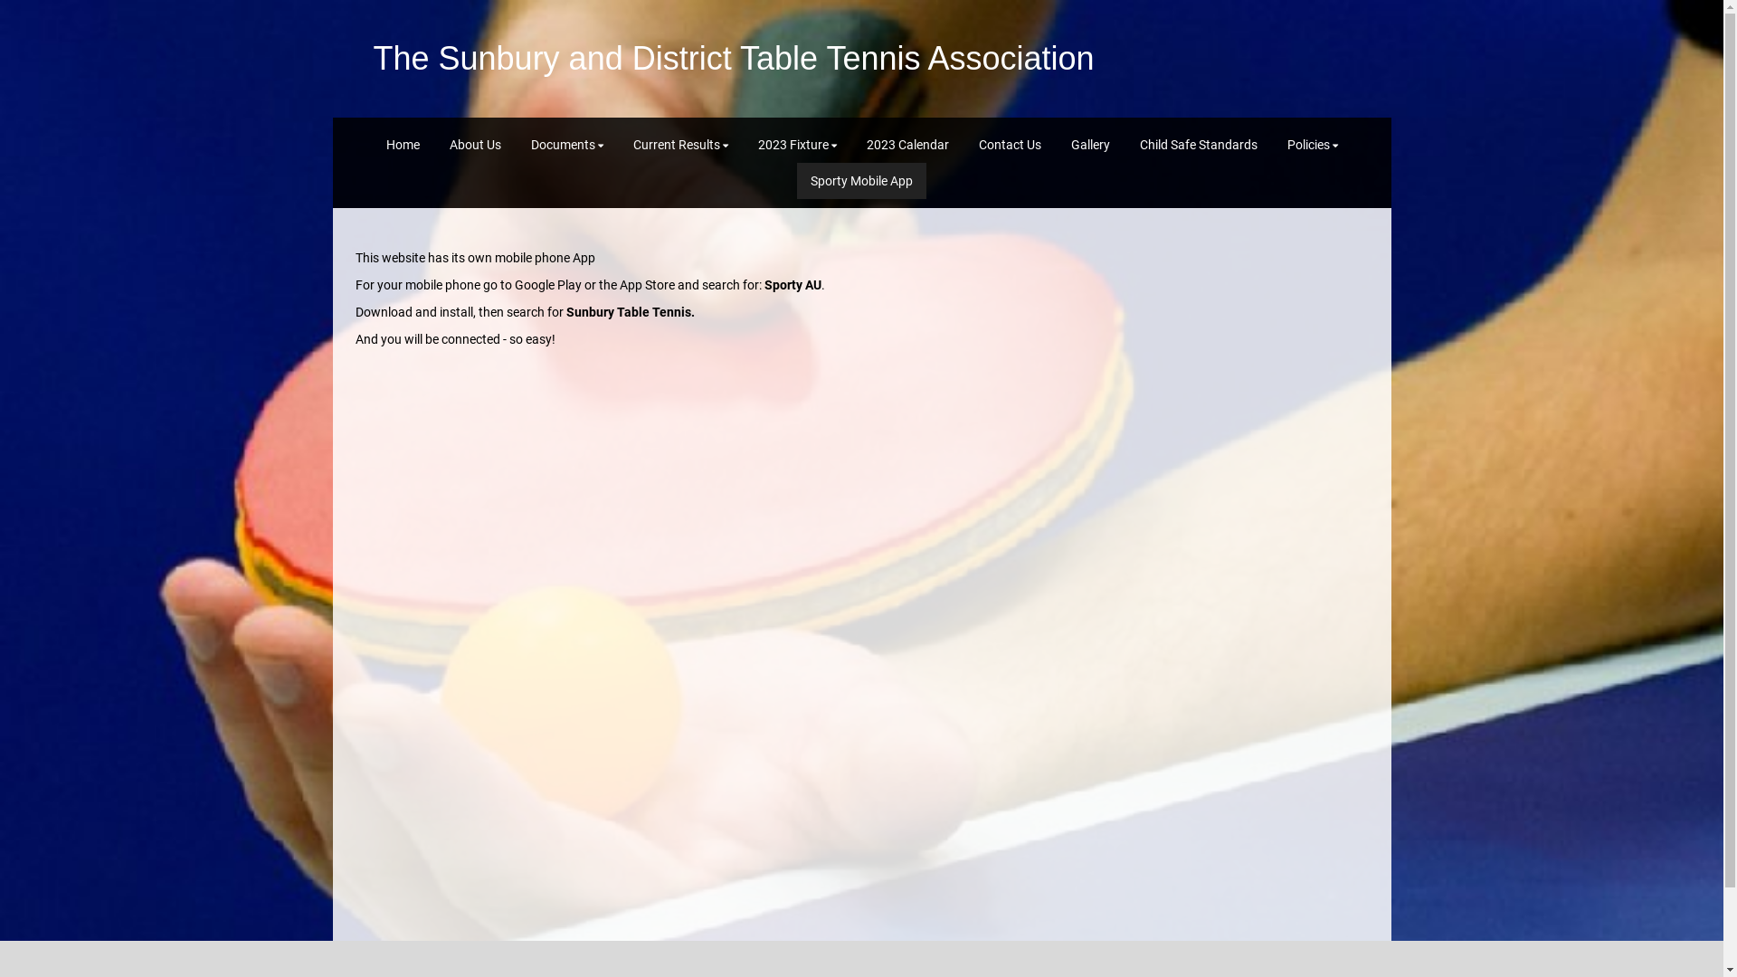  Describe the element at coordinates (1198, 143) in the screenshot. I see `'Child Safe Standards'` at that location.